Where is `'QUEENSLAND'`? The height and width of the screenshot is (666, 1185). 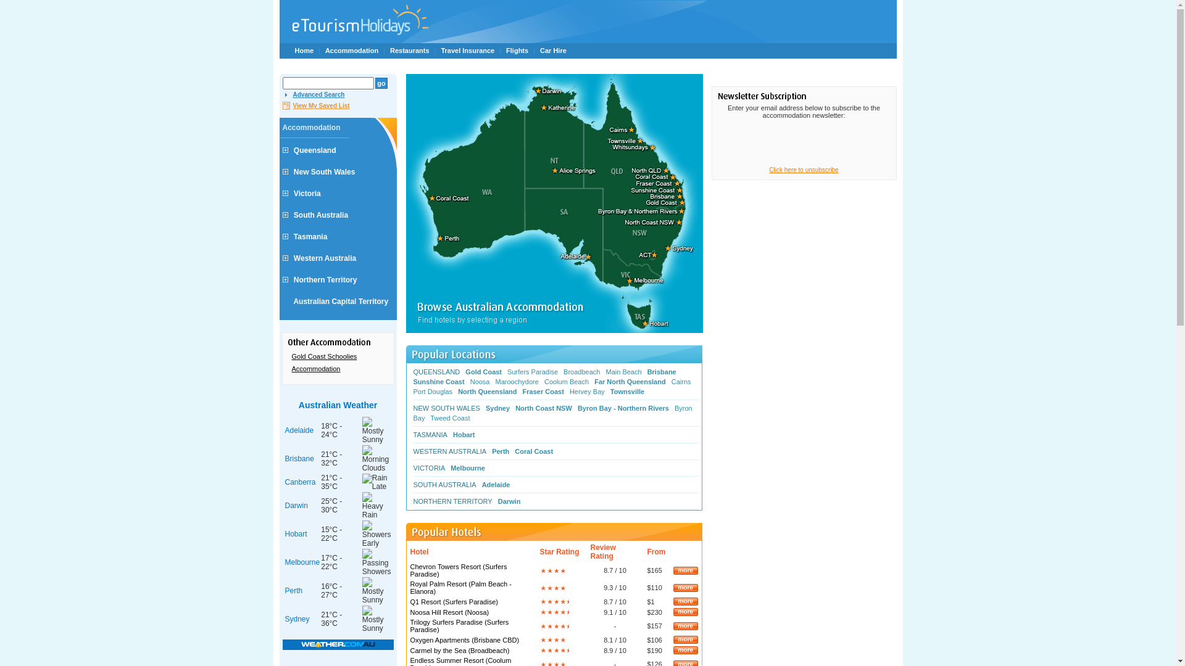
'QUEENSLAND' is located at coordinates (438, 371).